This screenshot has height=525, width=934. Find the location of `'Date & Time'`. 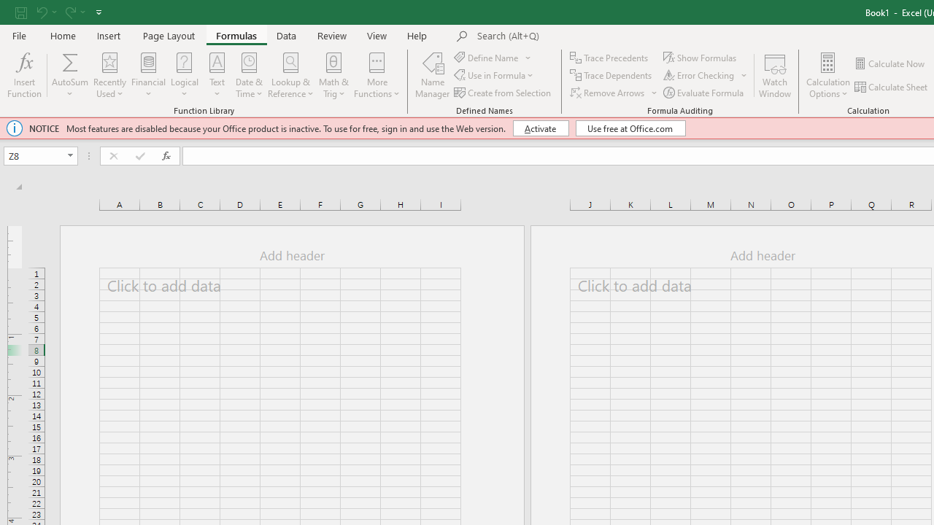

'Date & Time' is located at coordinates (250, 75).